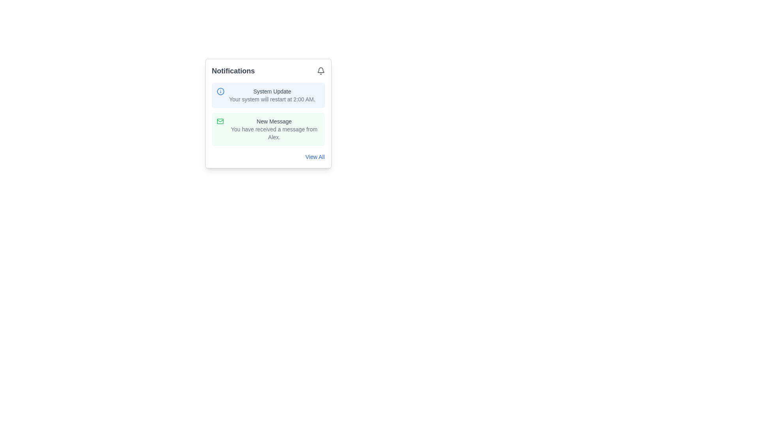 The image size is (758, 426). Describe the element at coordinates (314, 157) in the screenshot. I see `the link at the lower-right corner of the notification pop-up box` at that location.